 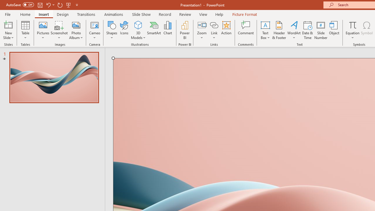 What do you see at coordinates (25, 30) in the screenshot?
I see `'Table'` at bounding box center [25, 30].